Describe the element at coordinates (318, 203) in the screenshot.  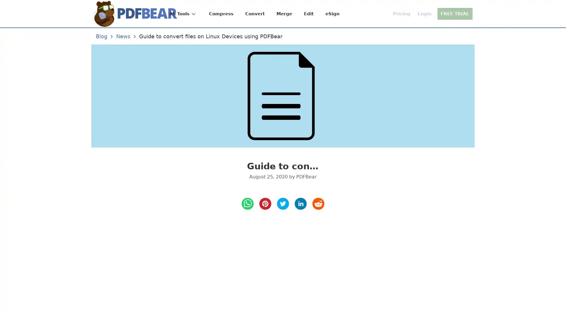
I see `reddit` at that location.